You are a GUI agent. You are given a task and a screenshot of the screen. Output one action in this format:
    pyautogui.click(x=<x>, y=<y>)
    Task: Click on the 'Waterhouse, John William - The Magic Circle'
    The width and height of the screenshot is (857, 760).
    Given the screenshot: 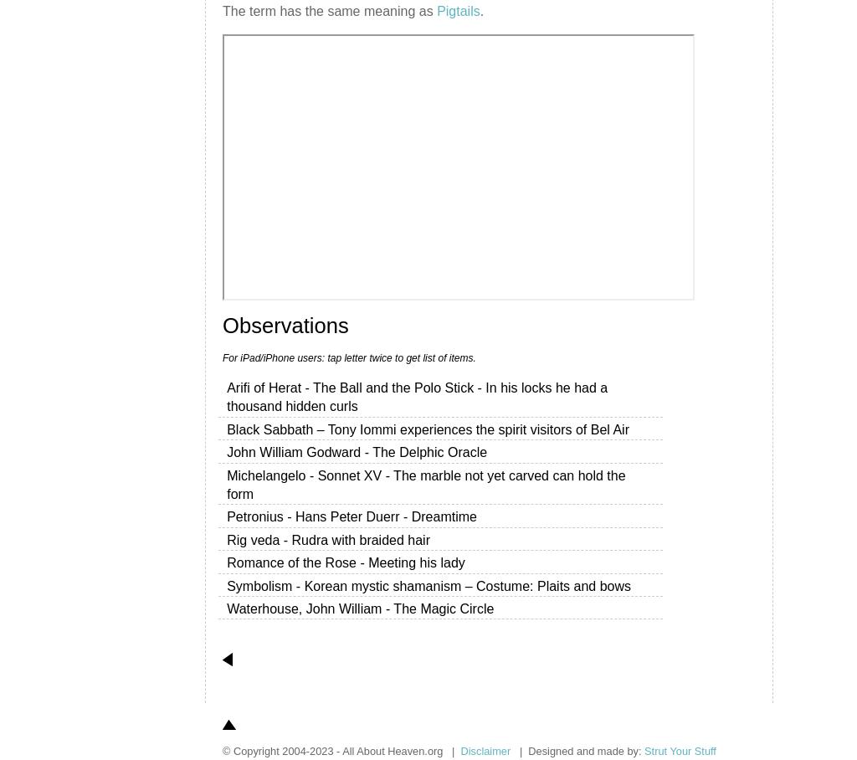 What is the action you would take?
    pyautogui.click(x=226, y=608)
    